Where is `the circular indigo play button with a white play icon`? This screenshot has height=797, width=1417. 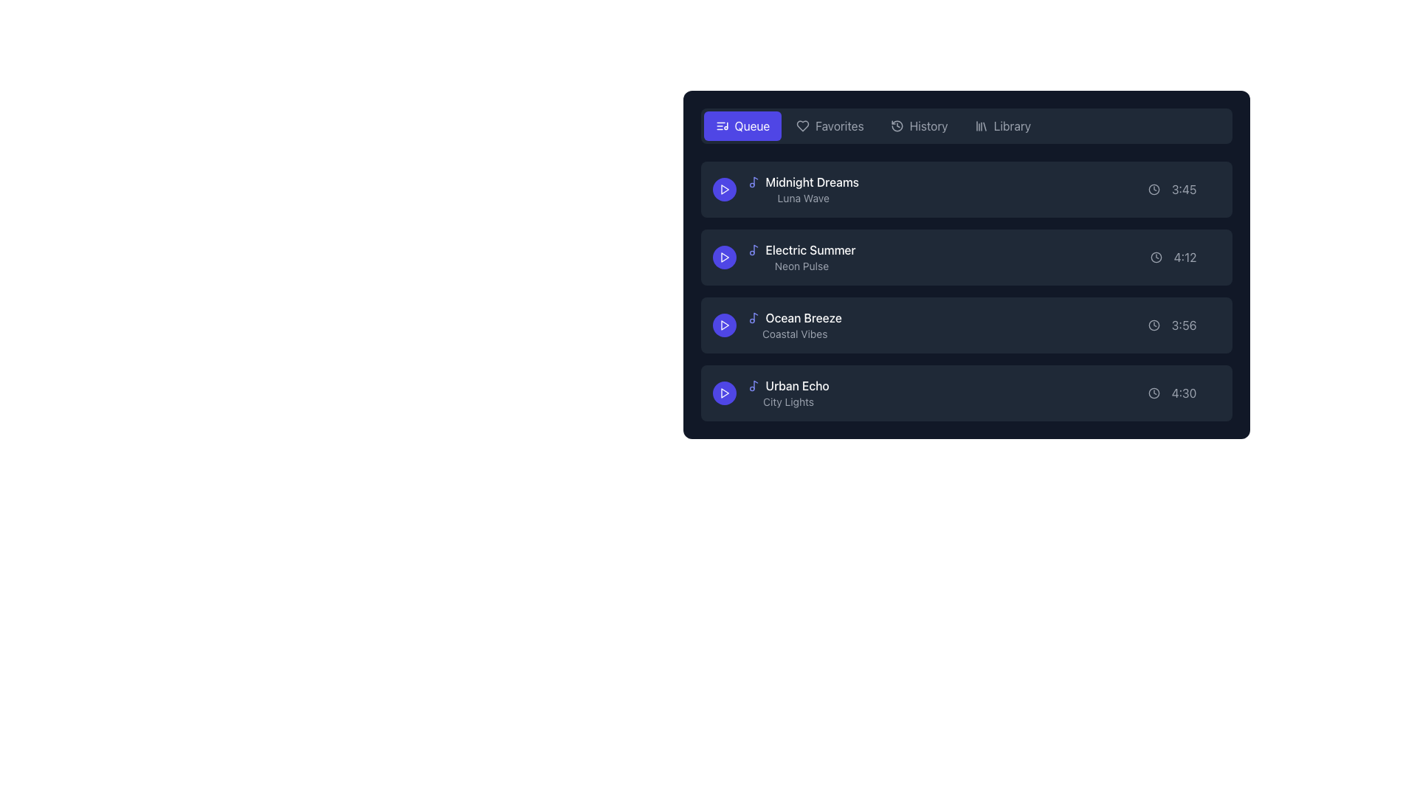 the circular indigo play button with a white play icon is located at coordinates (724, 189).